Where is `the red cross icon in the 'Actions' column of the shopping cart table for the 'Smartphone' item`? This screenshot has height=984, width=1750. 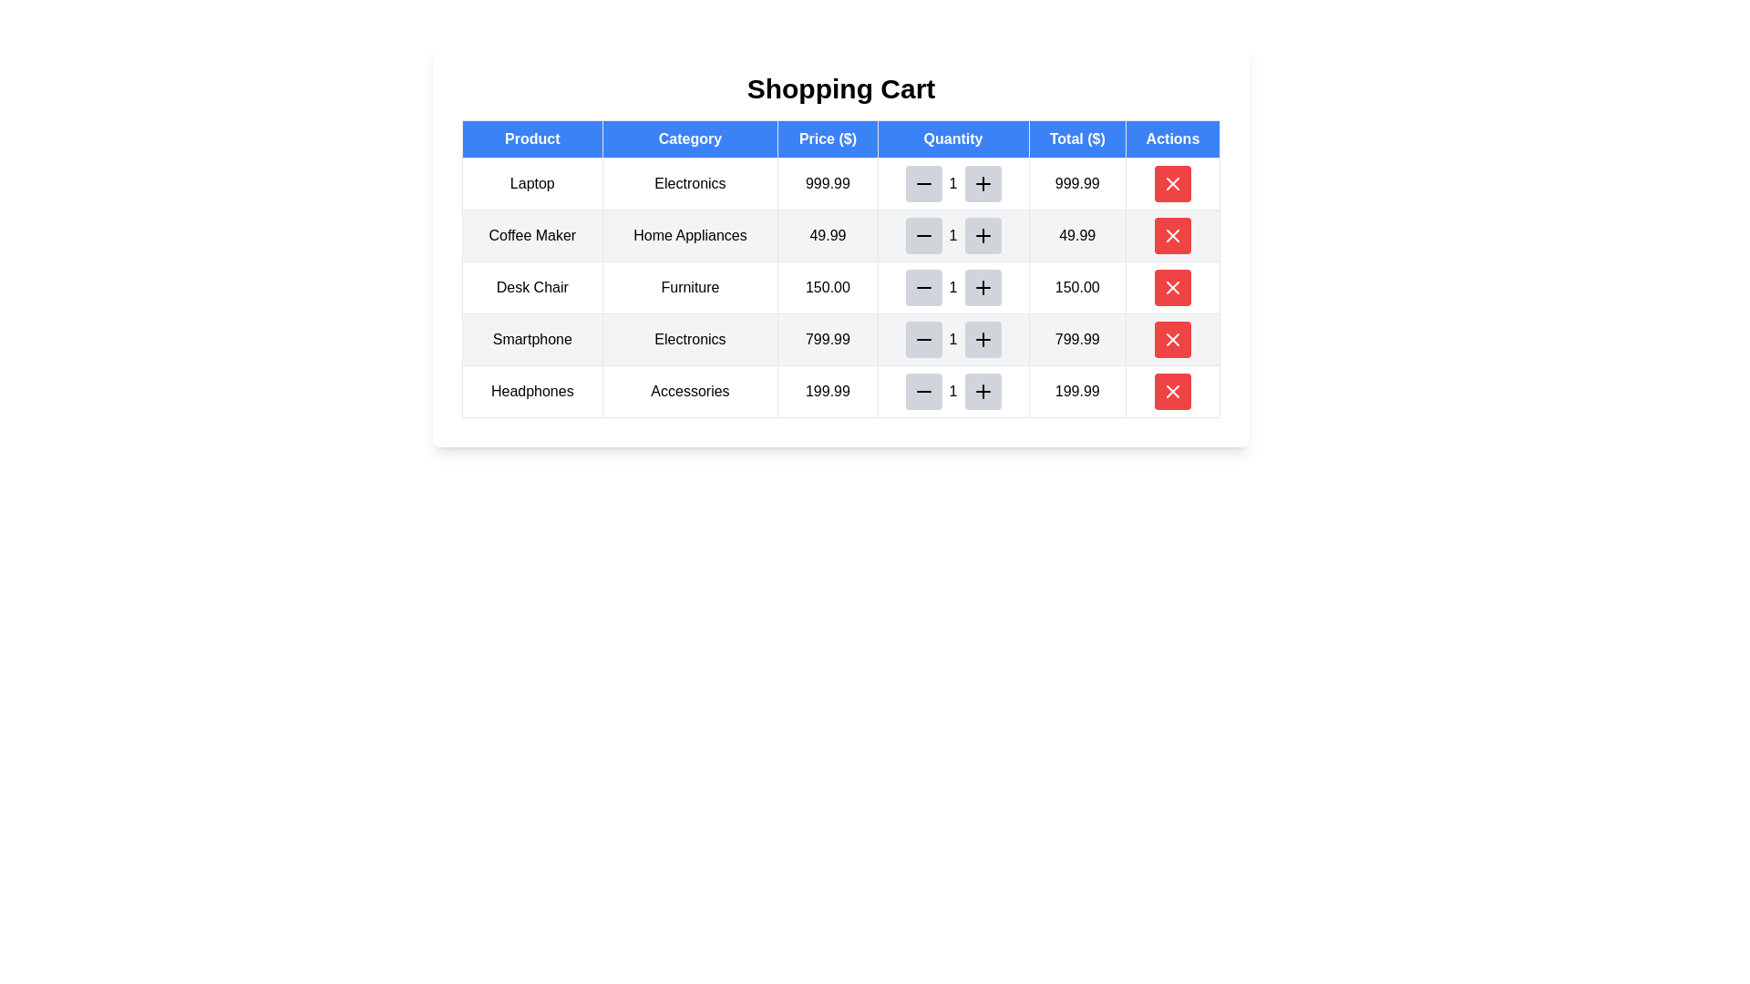 the red cross icon in the 'Actions' column of the shopping cart table for the 'Smartphone' item is located at coordinates (1172, 340).